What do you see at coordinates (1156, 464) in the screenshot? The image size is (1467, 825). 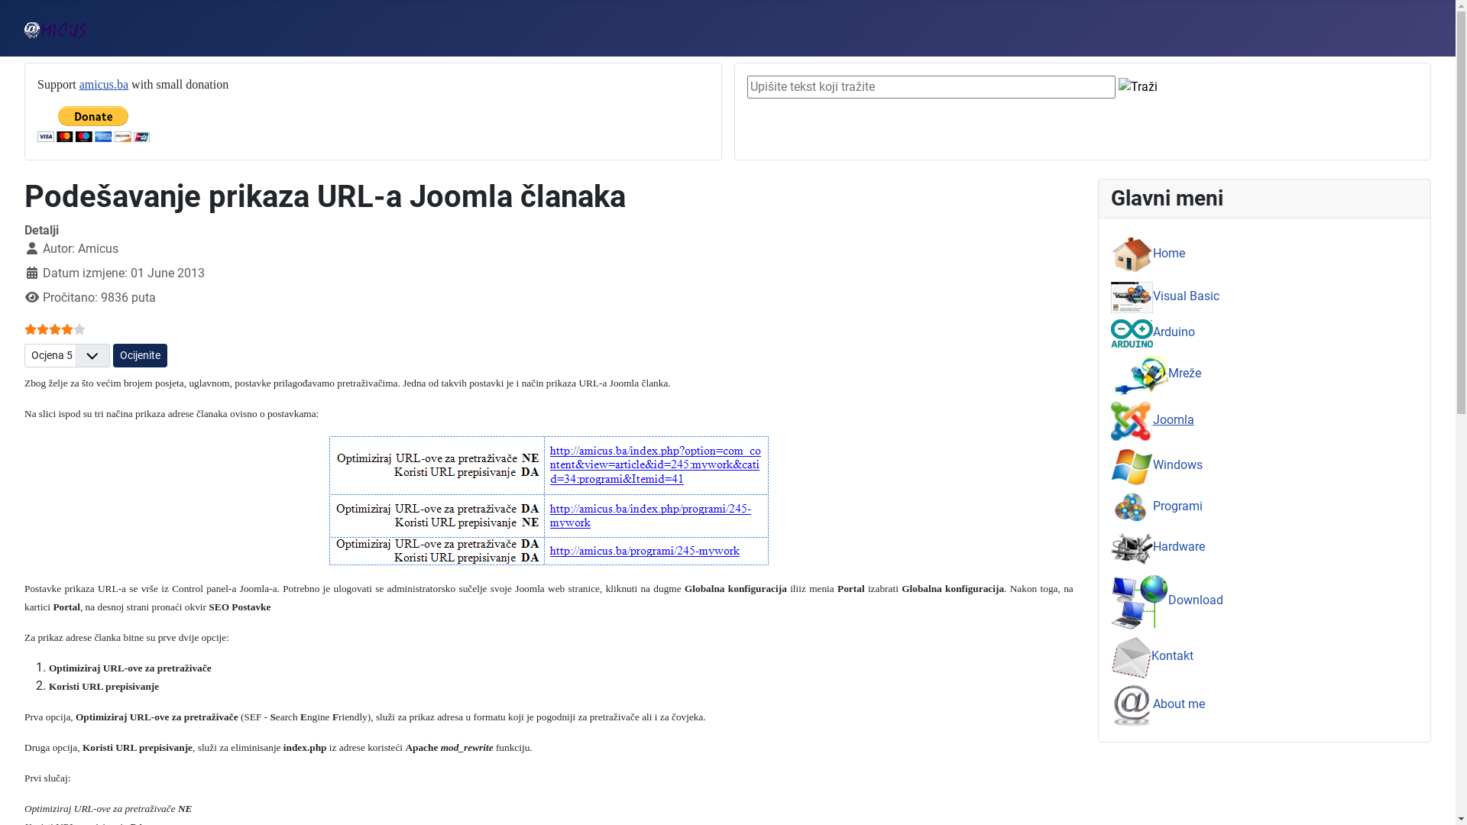 I see `'Windows'` at bounding box center [1156, 464].